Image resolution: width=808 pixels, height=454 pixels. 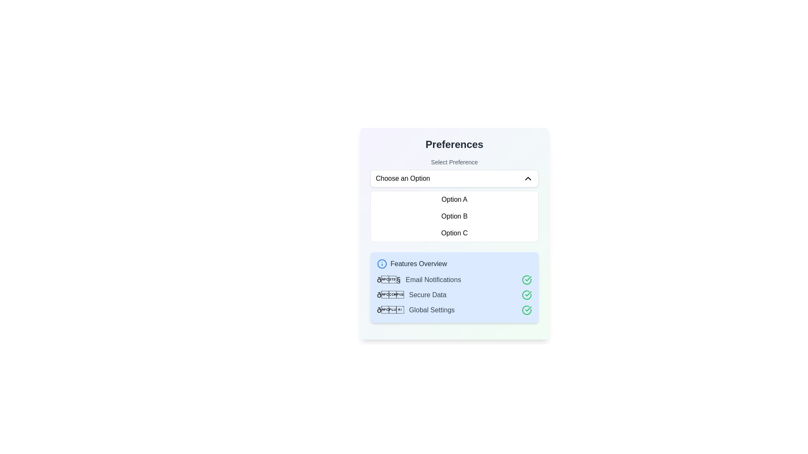 What do you see at coordinates (381, 264) in the screenshot?
I see `the icon located to the left of the 'Features Overview' text` at bounding box center [381, 264].